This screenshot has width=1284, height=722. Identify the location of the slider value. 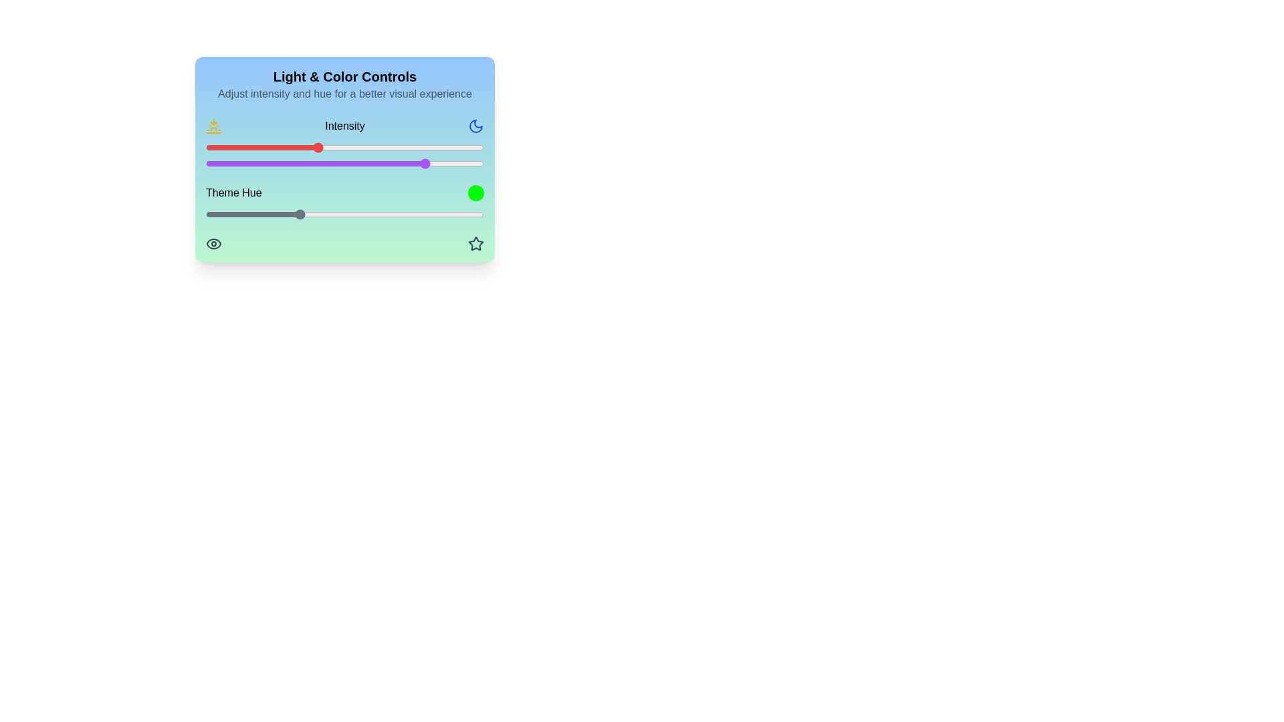
(328, 213).